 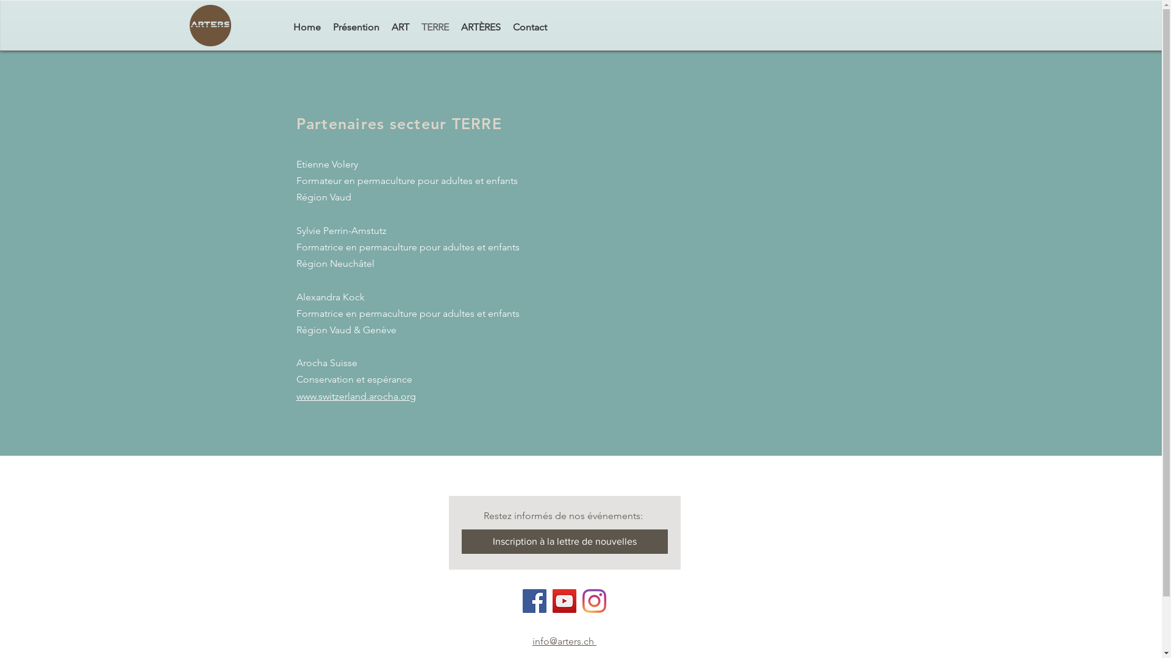 I want to click on 'info@arters.ch ', so click(x=564, y=640).